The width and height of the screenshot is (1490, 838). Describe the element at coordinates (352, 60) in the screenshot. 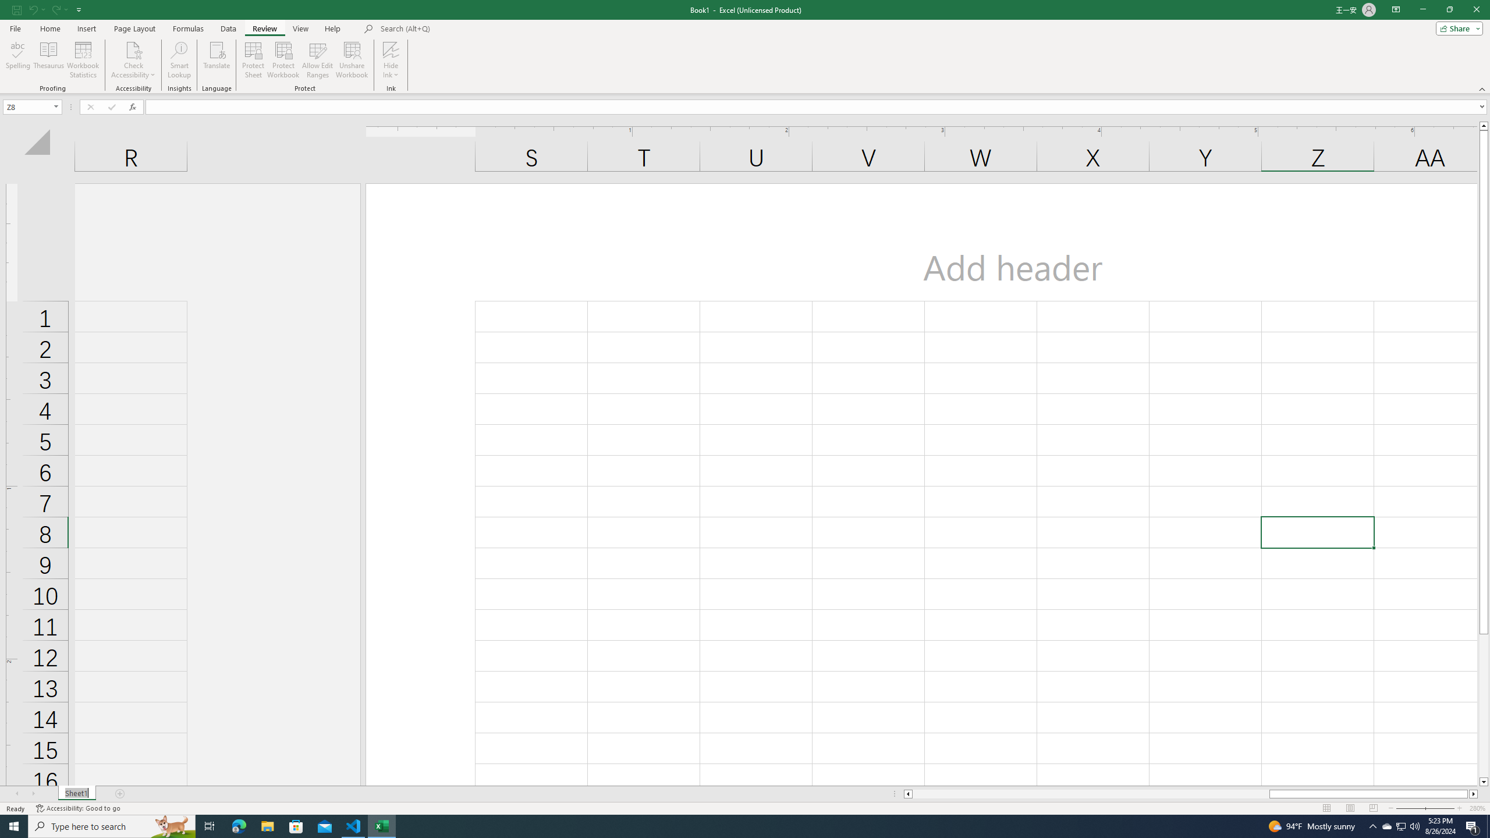

I see `'Unshare Workbook'` at that location.